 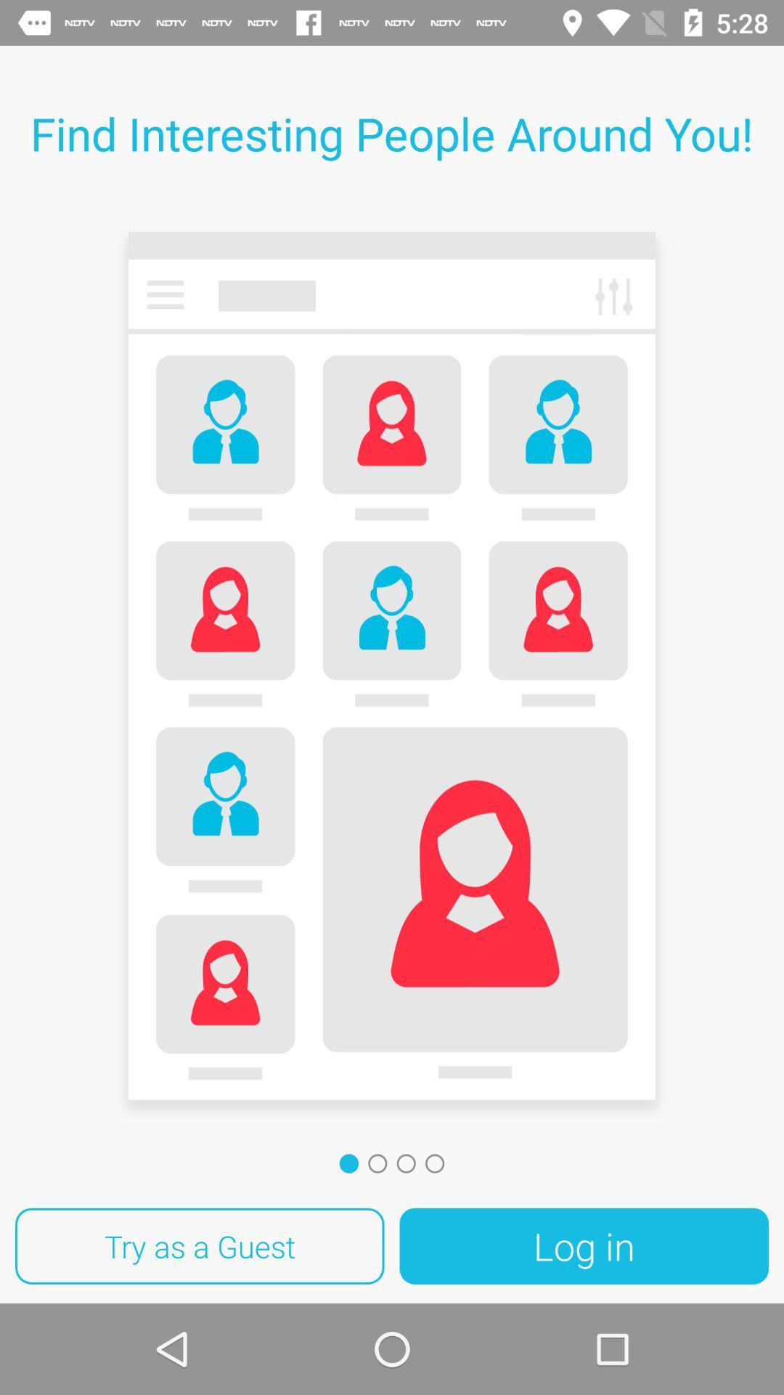 I want to click on the icon at the center, so click(x=392, y=670).